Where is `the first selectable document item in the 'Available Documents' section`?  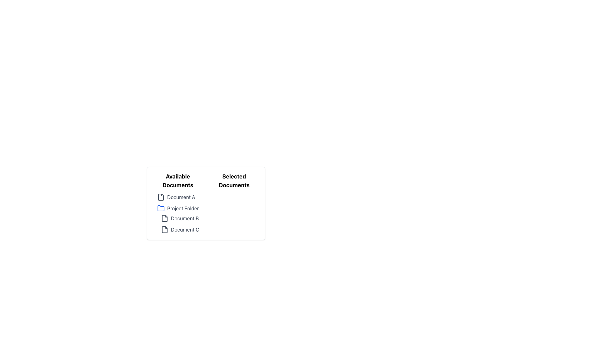 the first selectable document item in the 'Available Documents' section is located at coordinates (179, 197).